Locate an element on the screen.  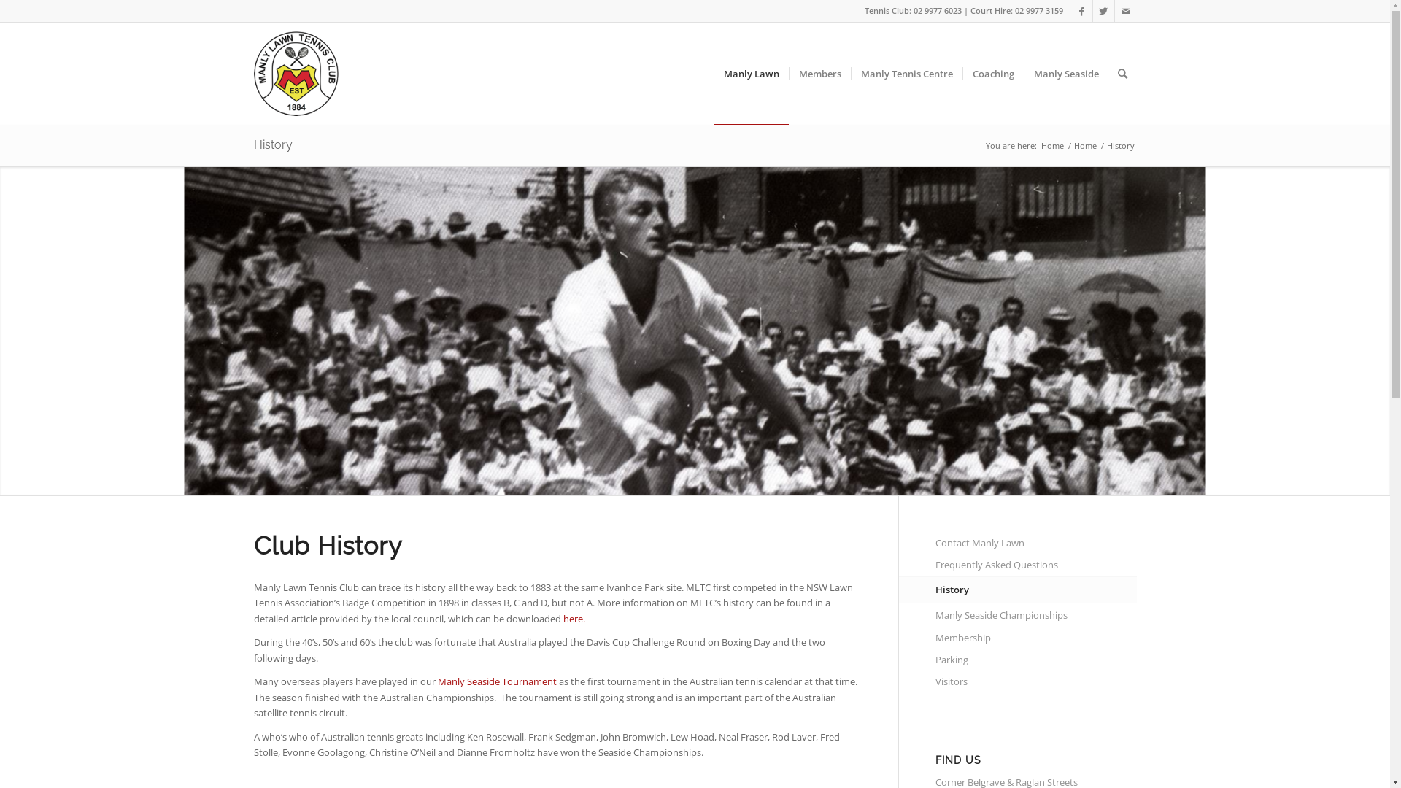
'here.' is located at coordinates (574, 619).